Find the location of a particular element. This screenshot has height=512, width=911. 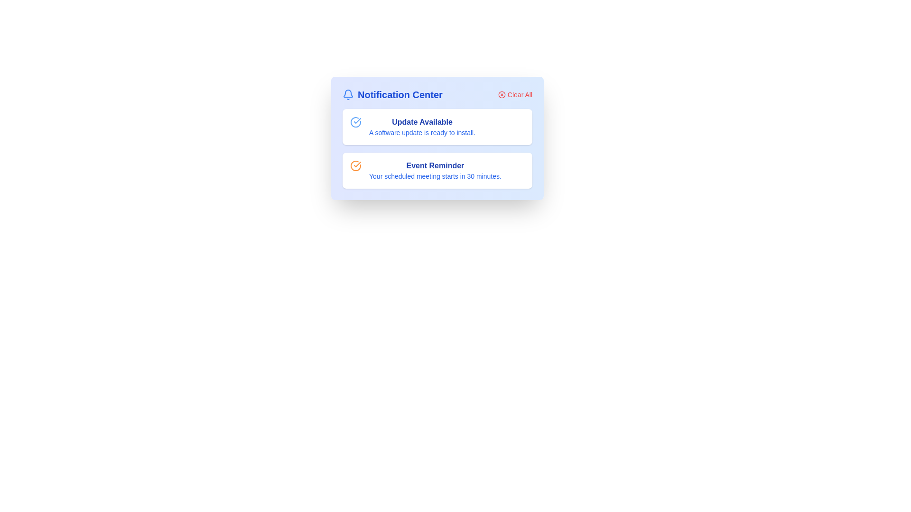

the circular icon with a blue outline and a checkmark inside, which indicates a positive status, located adjacent to the 'Update Available' text in the notification card is located at coordinates (355, 122).